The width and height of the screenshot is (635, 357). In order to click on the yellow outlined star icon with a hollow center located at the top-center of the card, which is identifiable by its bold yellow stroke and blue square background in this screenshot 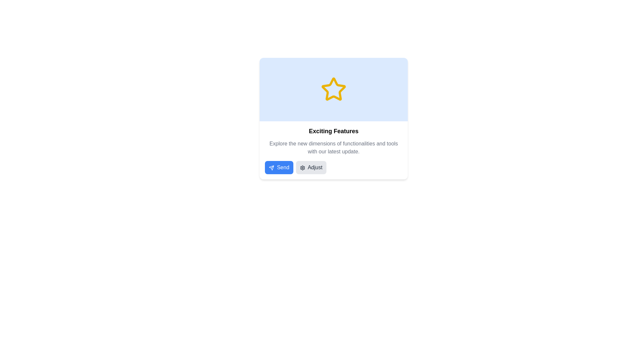, I will do `click(333, 89)`.